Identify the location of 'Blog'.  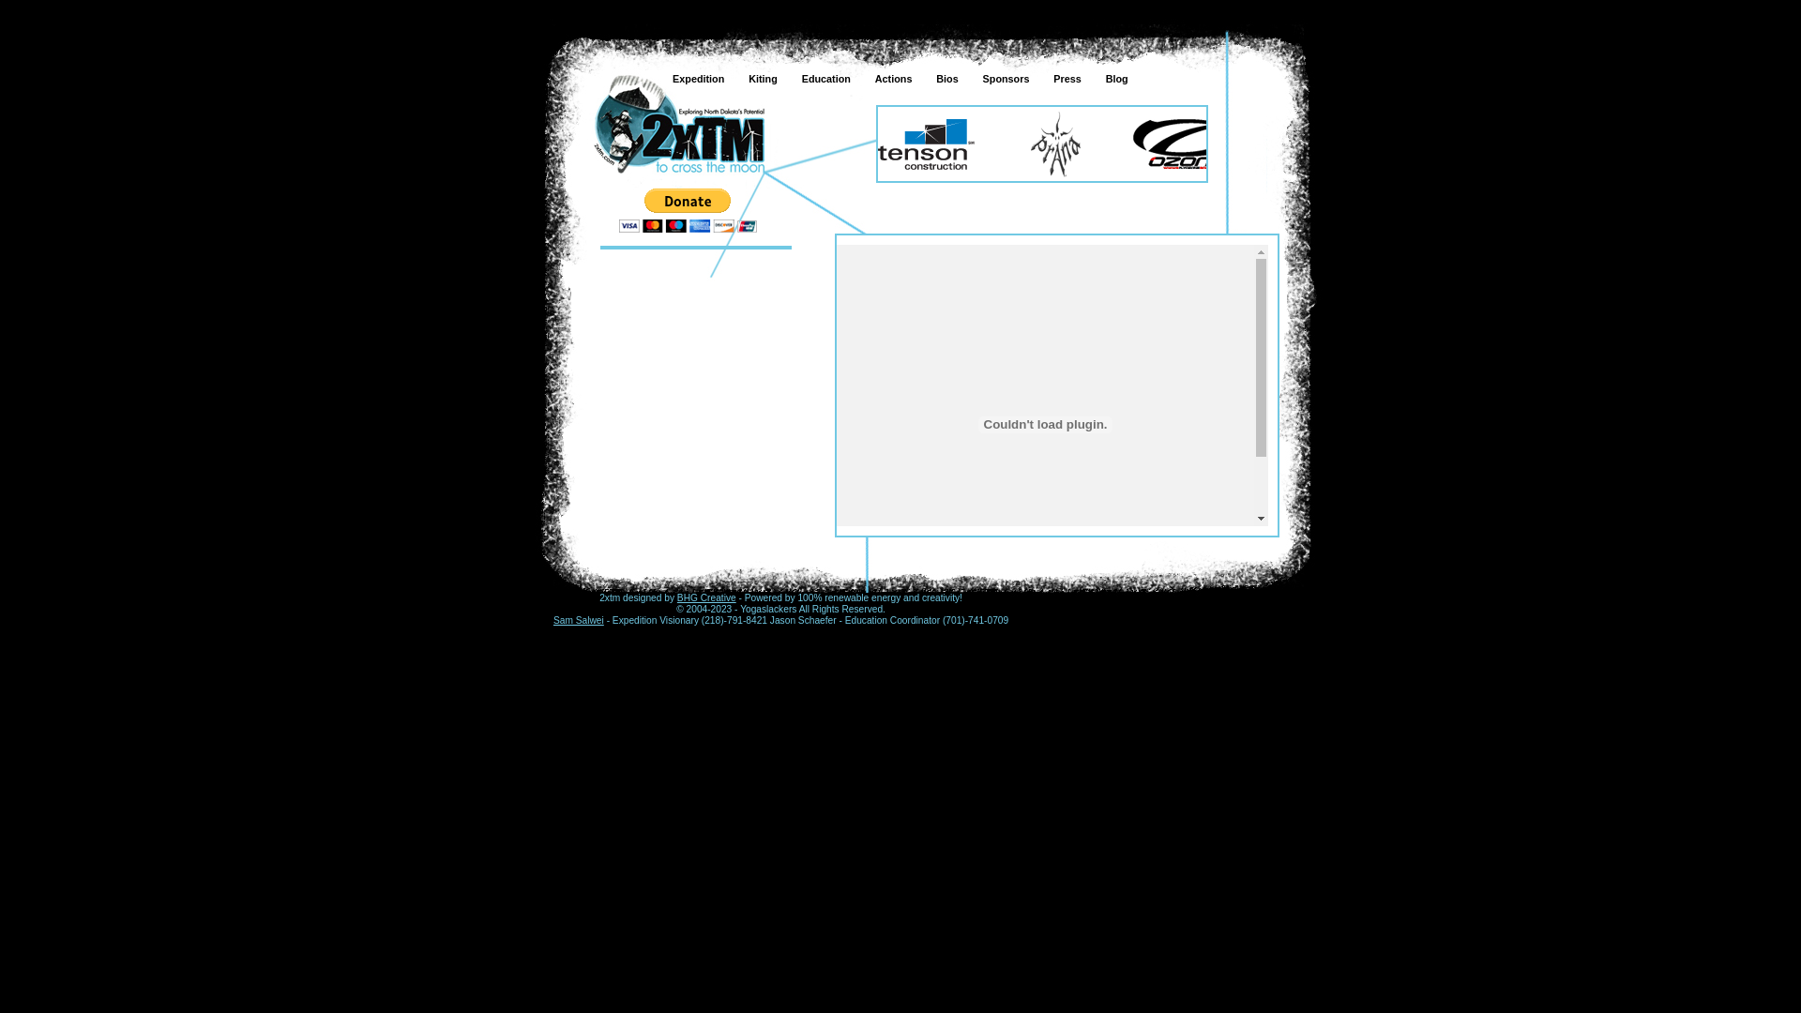
(1115, 78).